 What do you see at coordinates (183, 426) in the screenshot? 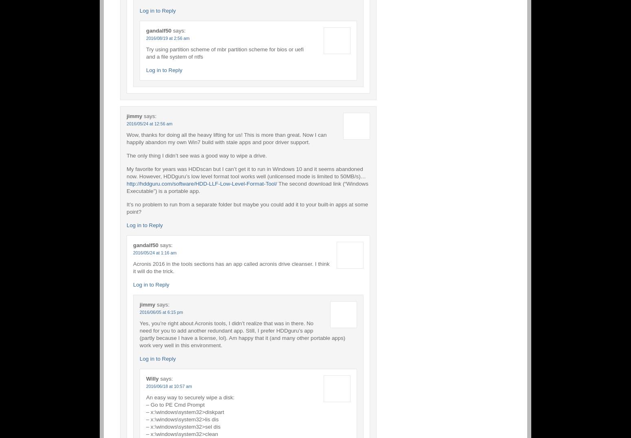
I see `'– x:\windows\system32>sel dis'` at bounding box center [183, 426].